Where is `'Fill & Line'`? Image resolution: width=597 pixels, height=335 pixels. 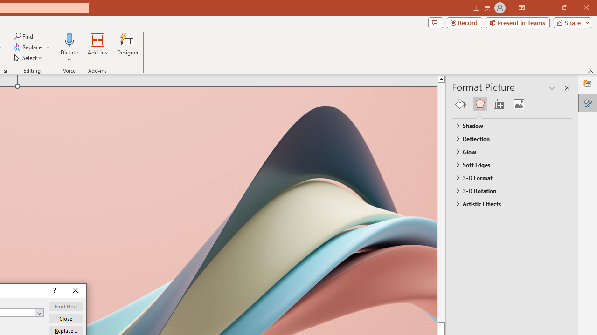 'Fill & Line' is located at coordinates (460, 104).